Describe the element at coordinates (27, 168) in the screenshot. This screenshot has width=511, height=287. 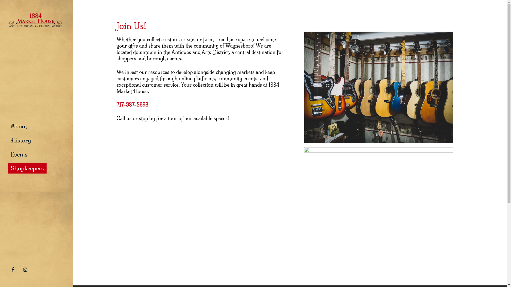
I see `'Shopkeepers'` at that location.